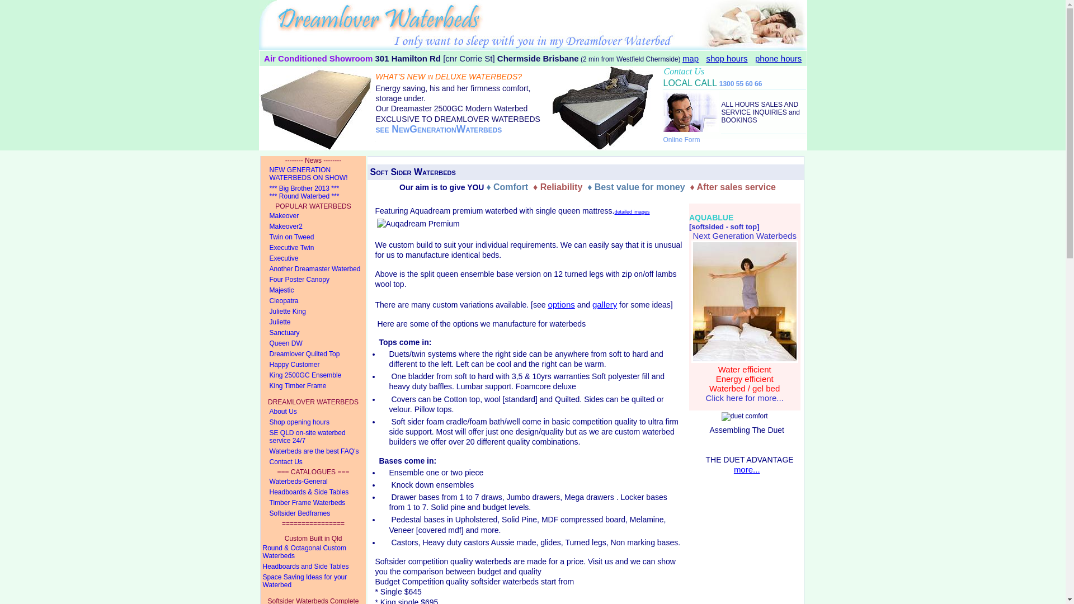 This screenshot has height=604, width=1074. Describe the element at coordinates (604, 304) in the screenshot. I see `'gallery'` at that location.